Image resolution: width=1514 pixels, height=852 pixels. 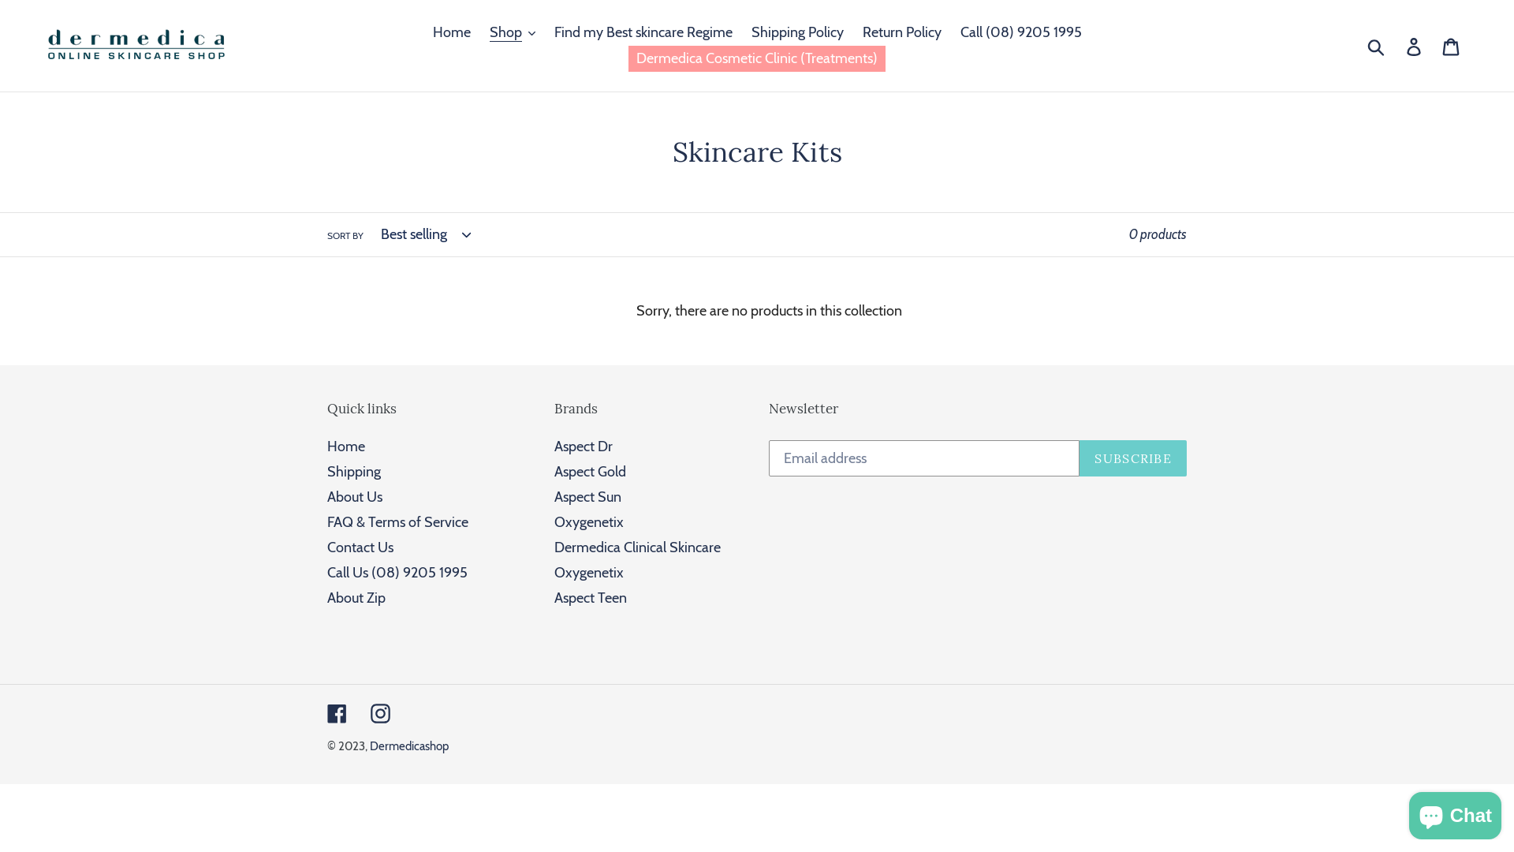 What do you see at coordinates (553, 495) in the screenshot?
I see `'Aspect Sun'` at bounding box center [553, 495].